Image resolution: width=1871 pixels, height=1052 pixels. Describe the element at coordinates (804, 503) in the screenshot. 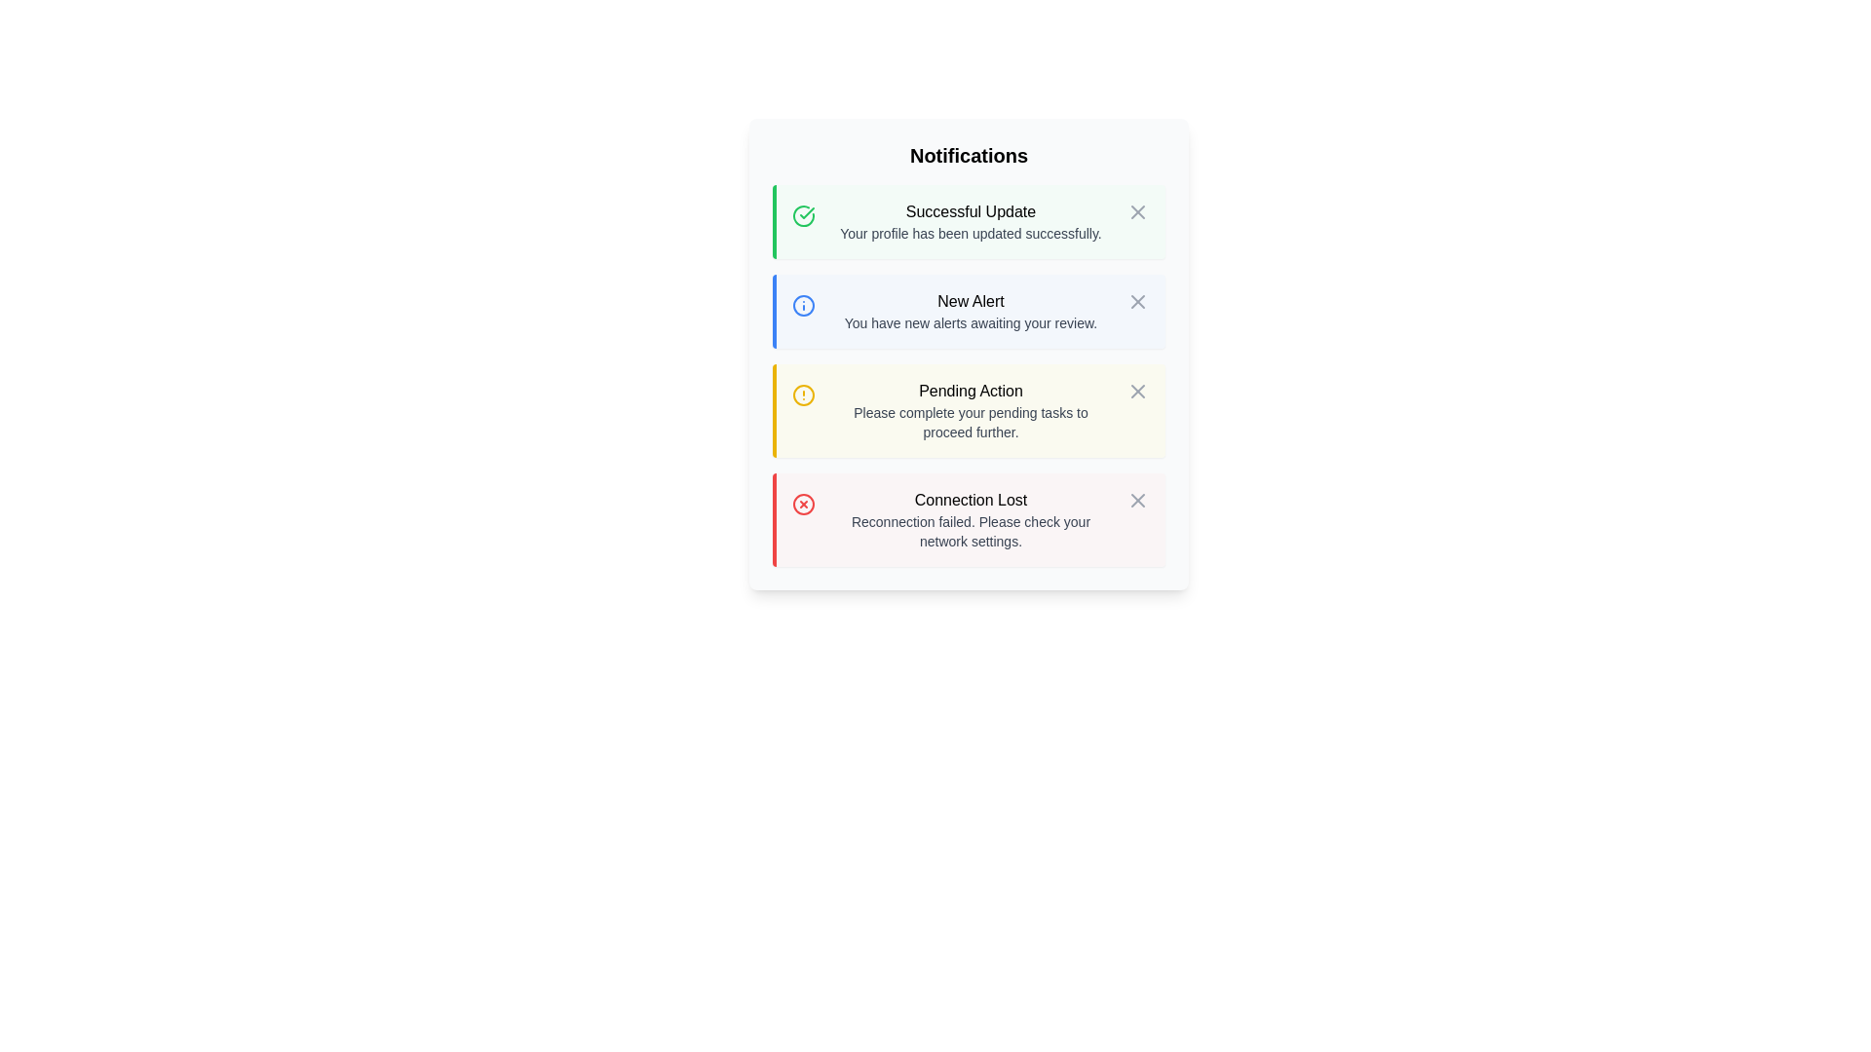

I see `the close icon button` at that location.